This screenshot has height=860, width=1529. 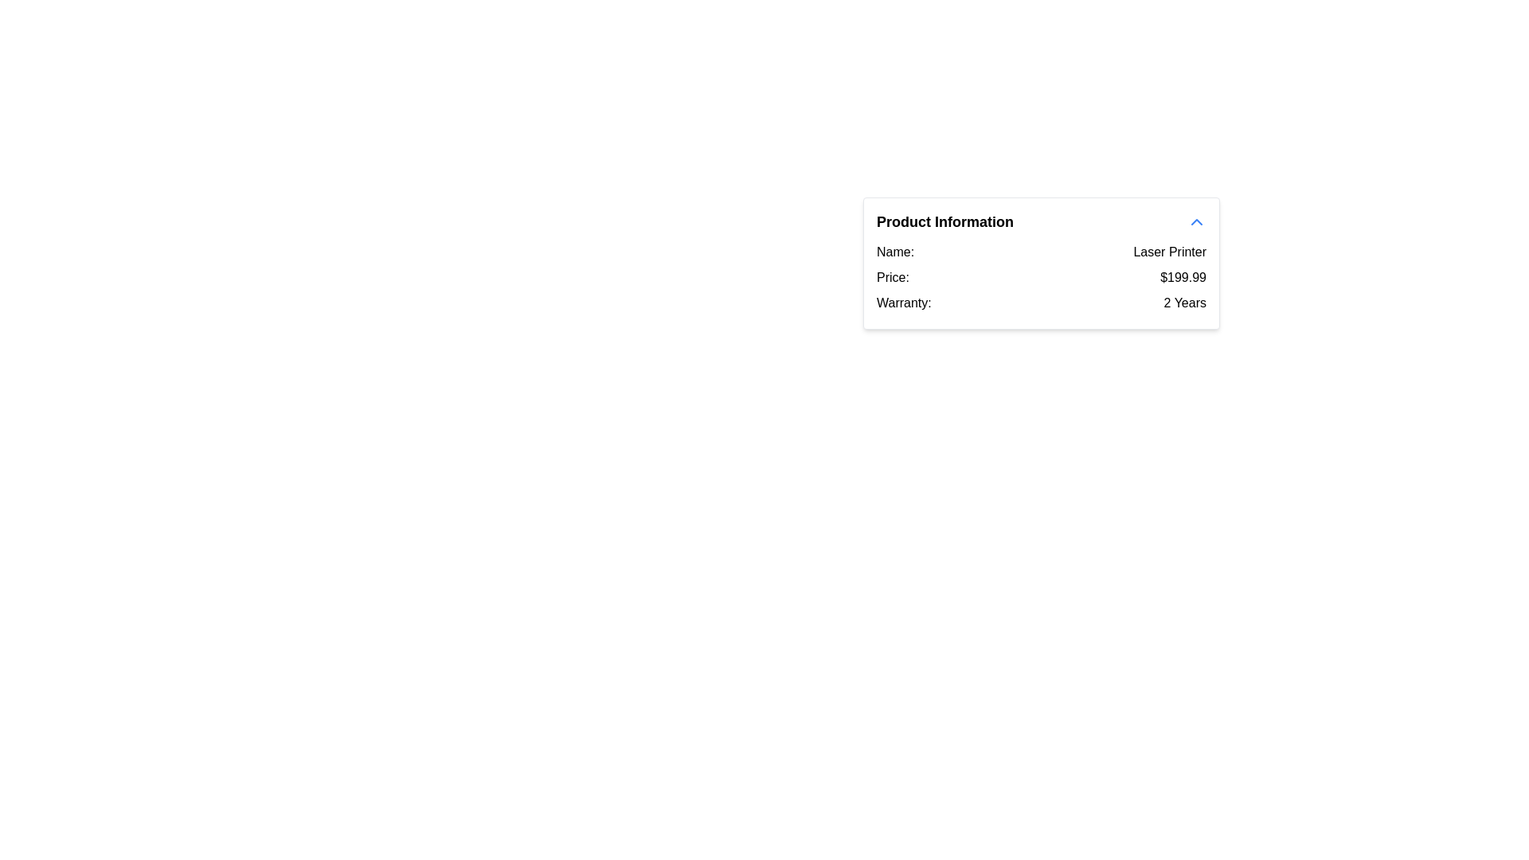 What do you see at coordinates (1170, 251) in the screenshot?
I see `the static text label displaying the product name 'Laser Printer', located on the right side of the 'Name:' label in the 'Product Information' card` at bounding box center [1170, 251].